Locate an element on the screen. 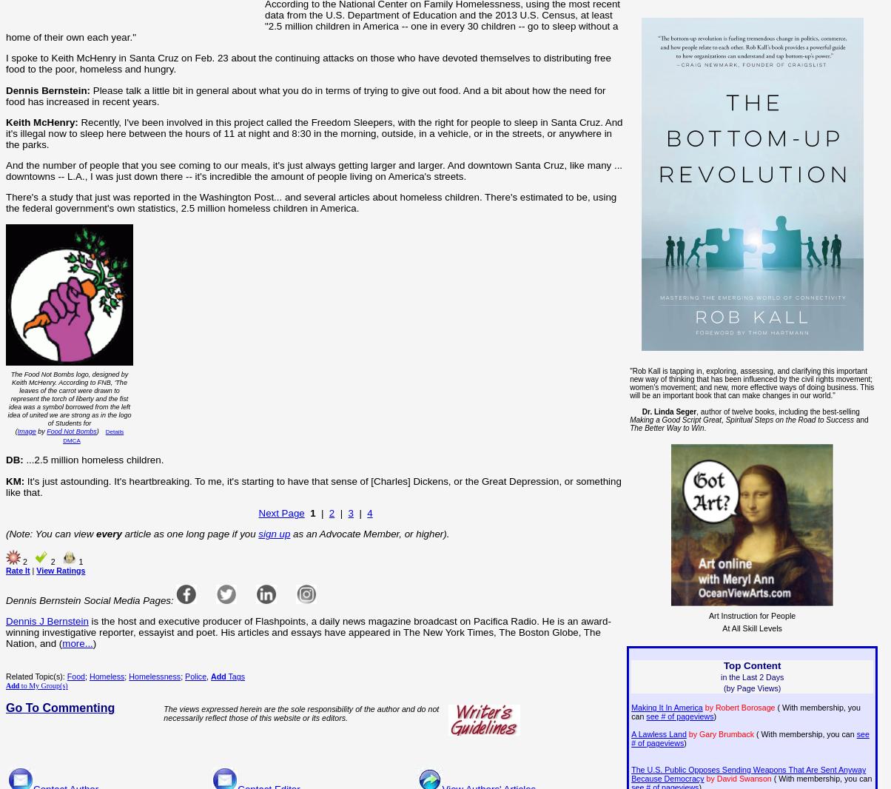 Image resolution: width=891 pixels, height=789 pixels. '...2.5 million homeless children.' is located at coordinates (93, 459).